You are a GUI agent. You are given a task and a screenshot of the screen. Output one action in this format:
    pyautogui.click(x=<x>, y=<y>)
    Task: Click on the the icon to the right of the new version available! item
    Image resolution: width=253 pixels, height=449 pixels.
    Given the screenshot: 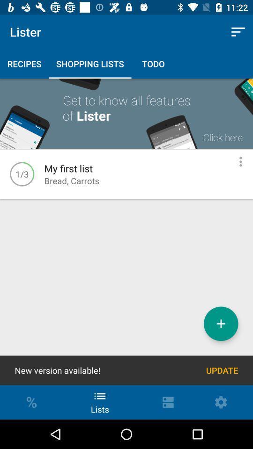 What is the action you would take?
    pyautogui.click(x=222, y=370)
    